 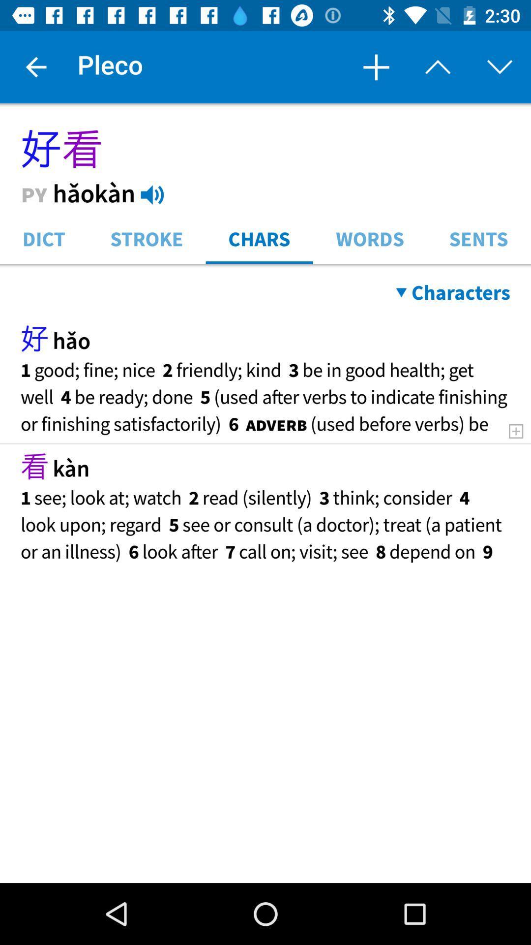 What do you see at coordinates (453, 292) in the screenshot?
I see `characters` at bounding box center [453, 292].